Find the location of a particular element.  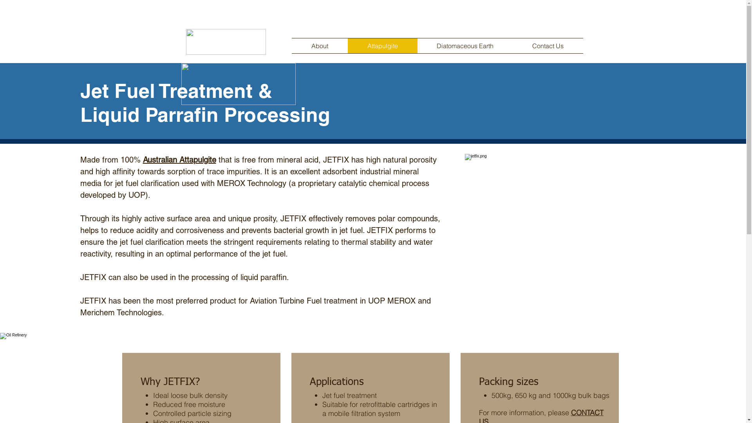

'About' is located at coordinates (319, 45).